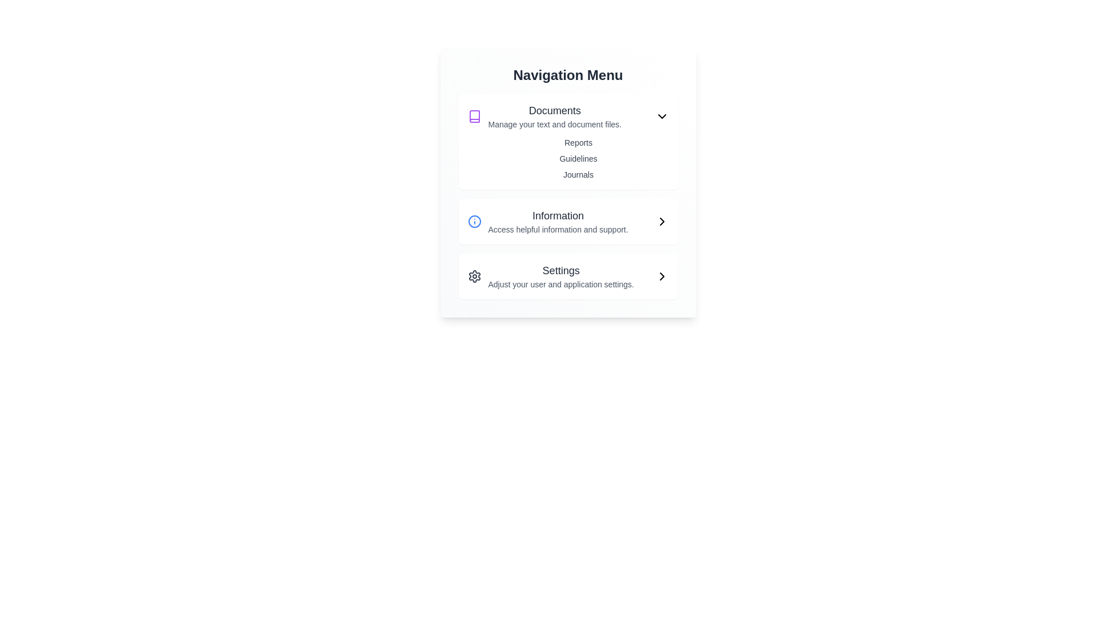  Describe the element at coordinates (555, 117) in the screenshot. I see `the top menu entry in the Navigation Menu` at that location.